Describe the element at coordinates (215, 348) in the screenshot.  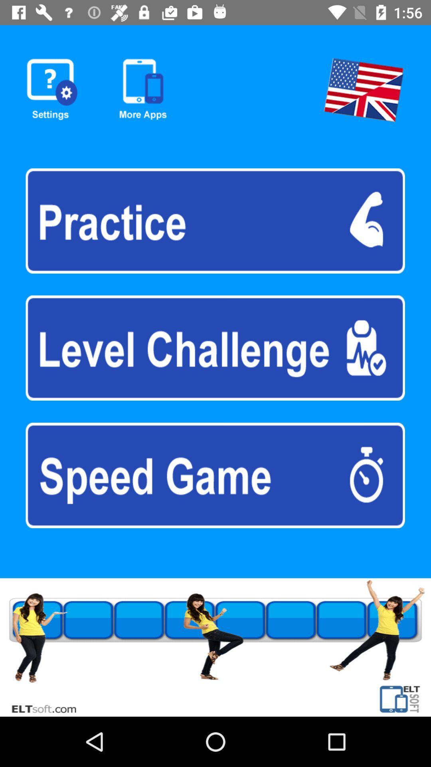
I see `play` at that location.